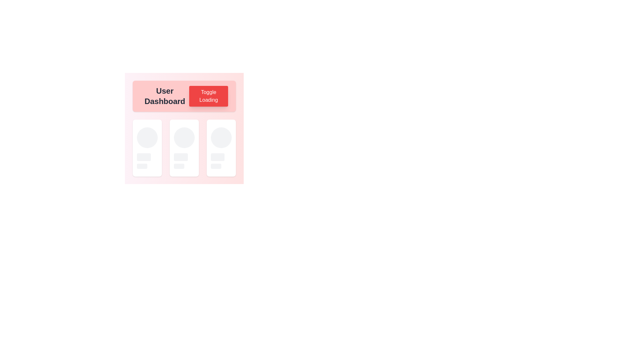 The image size is (623, 350). I want to click on the Loading placeholder bar, which is a bar with rounded ends and a light gray background, centrally located below a circular placeholder, so click(181, 157).